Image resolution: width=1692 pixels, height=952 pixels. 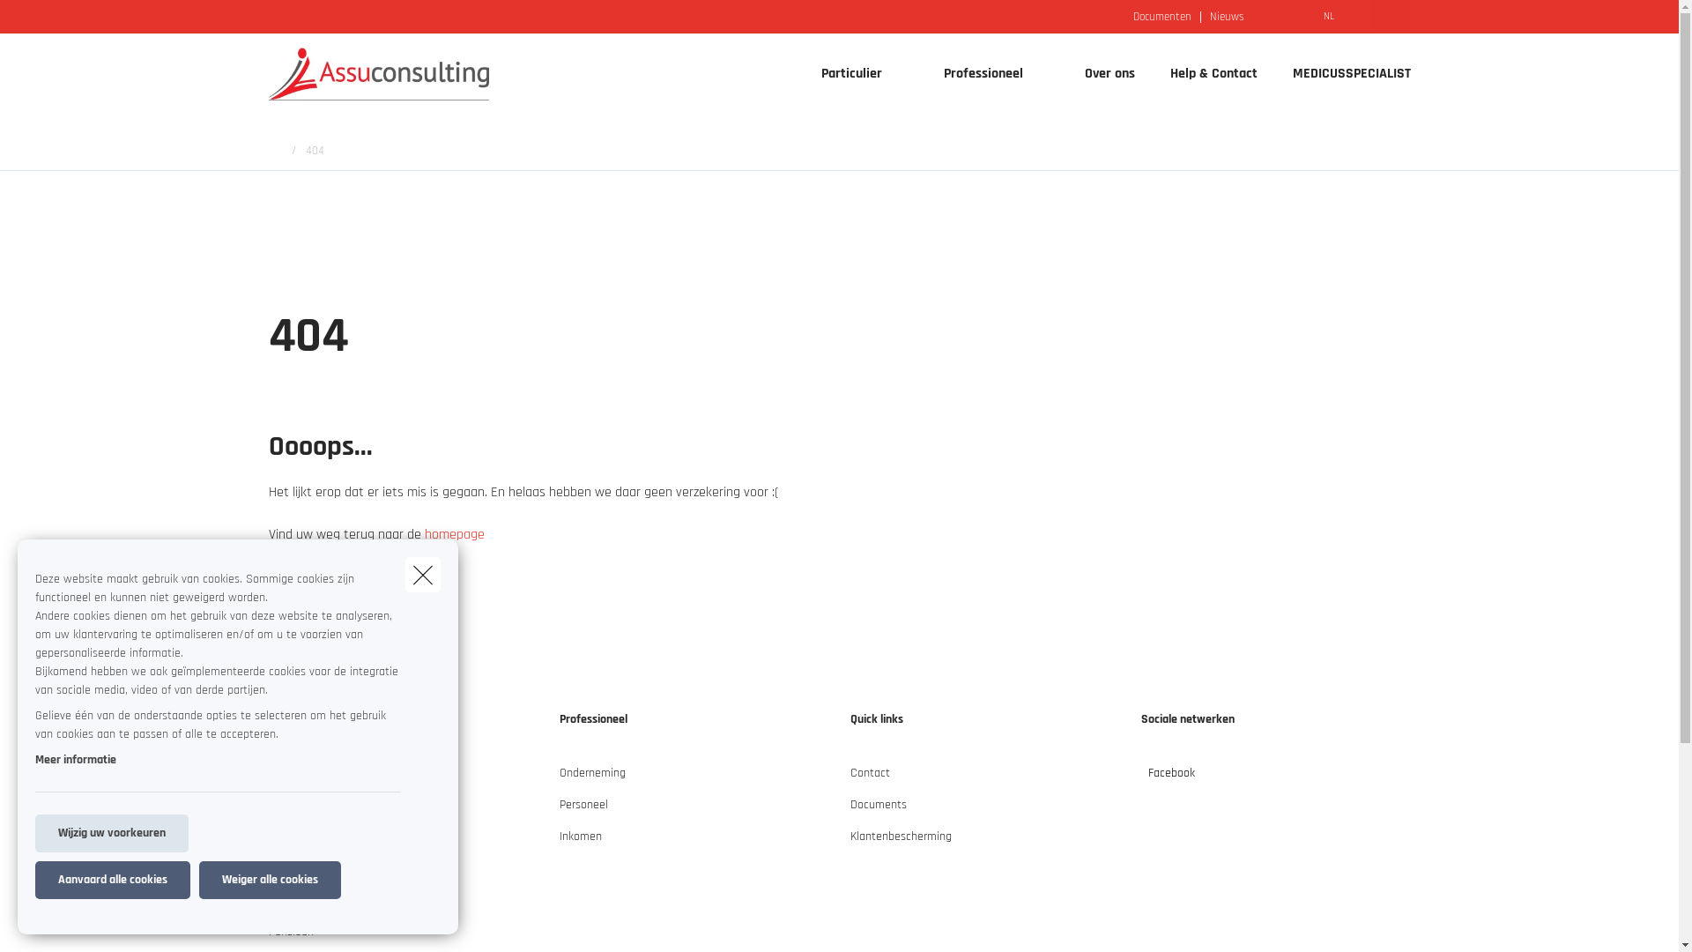 I want to click on 'Aanvaard alle cookies', so click(x=112, y=880).